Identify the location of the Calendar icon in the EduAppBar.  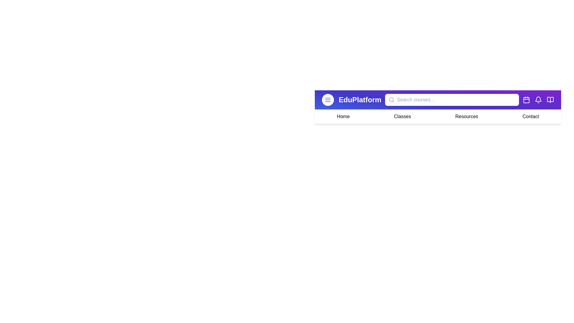
(526, 100).